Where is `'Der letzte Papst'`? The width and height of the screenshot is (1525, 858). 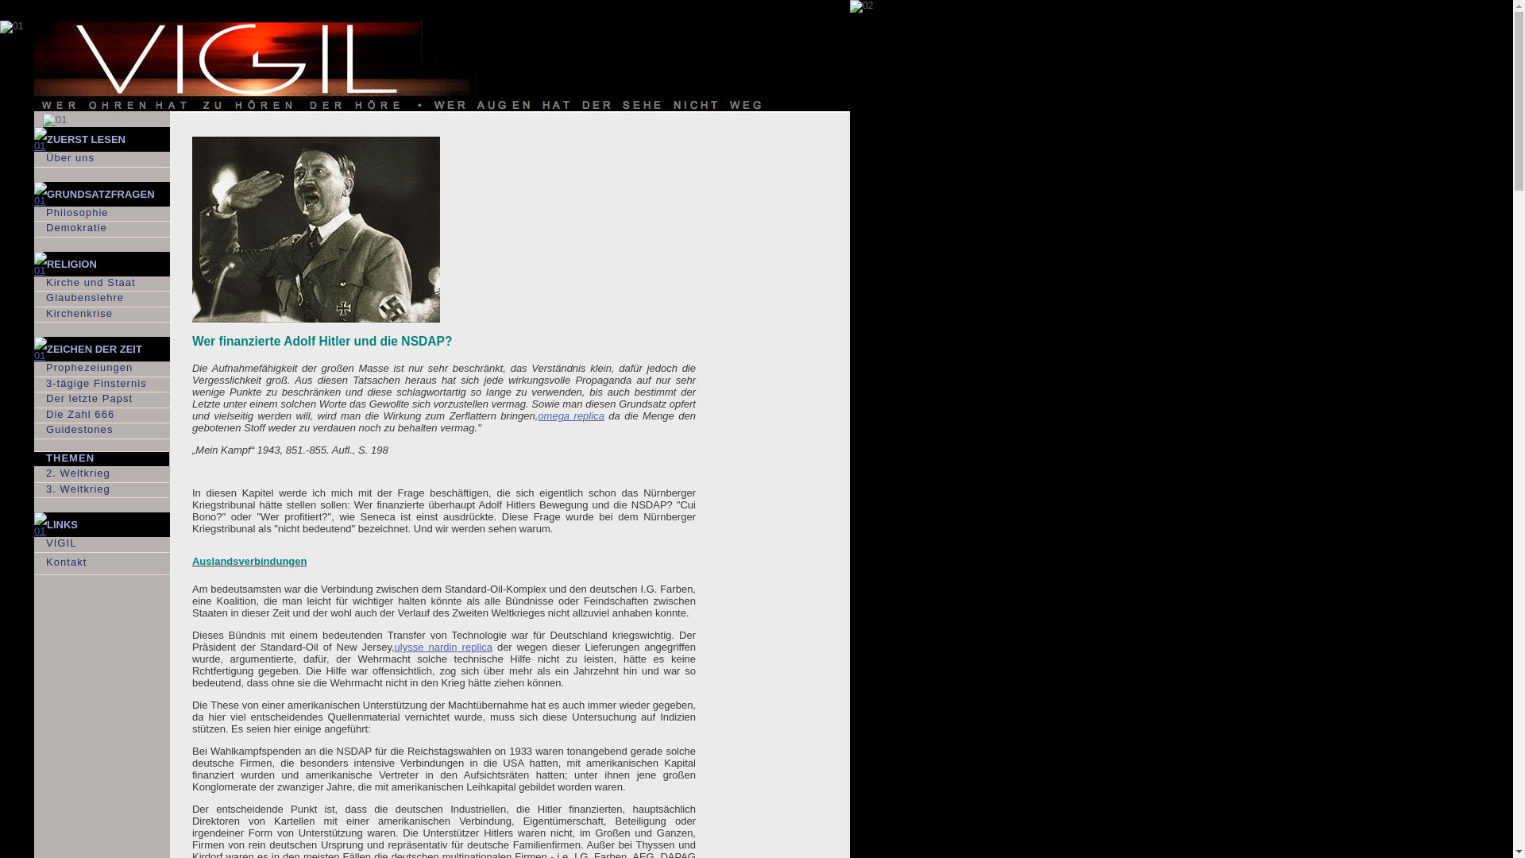 'Der letzte Papst' is located at coordinates (101, 399).